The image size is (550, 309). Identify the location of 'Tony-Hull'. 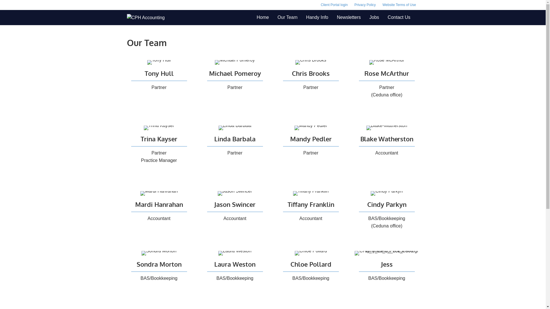
(159, 62).